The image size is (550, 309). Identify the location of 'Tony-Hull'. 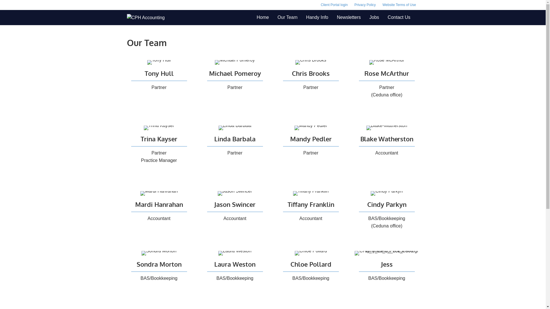
(159, 62).